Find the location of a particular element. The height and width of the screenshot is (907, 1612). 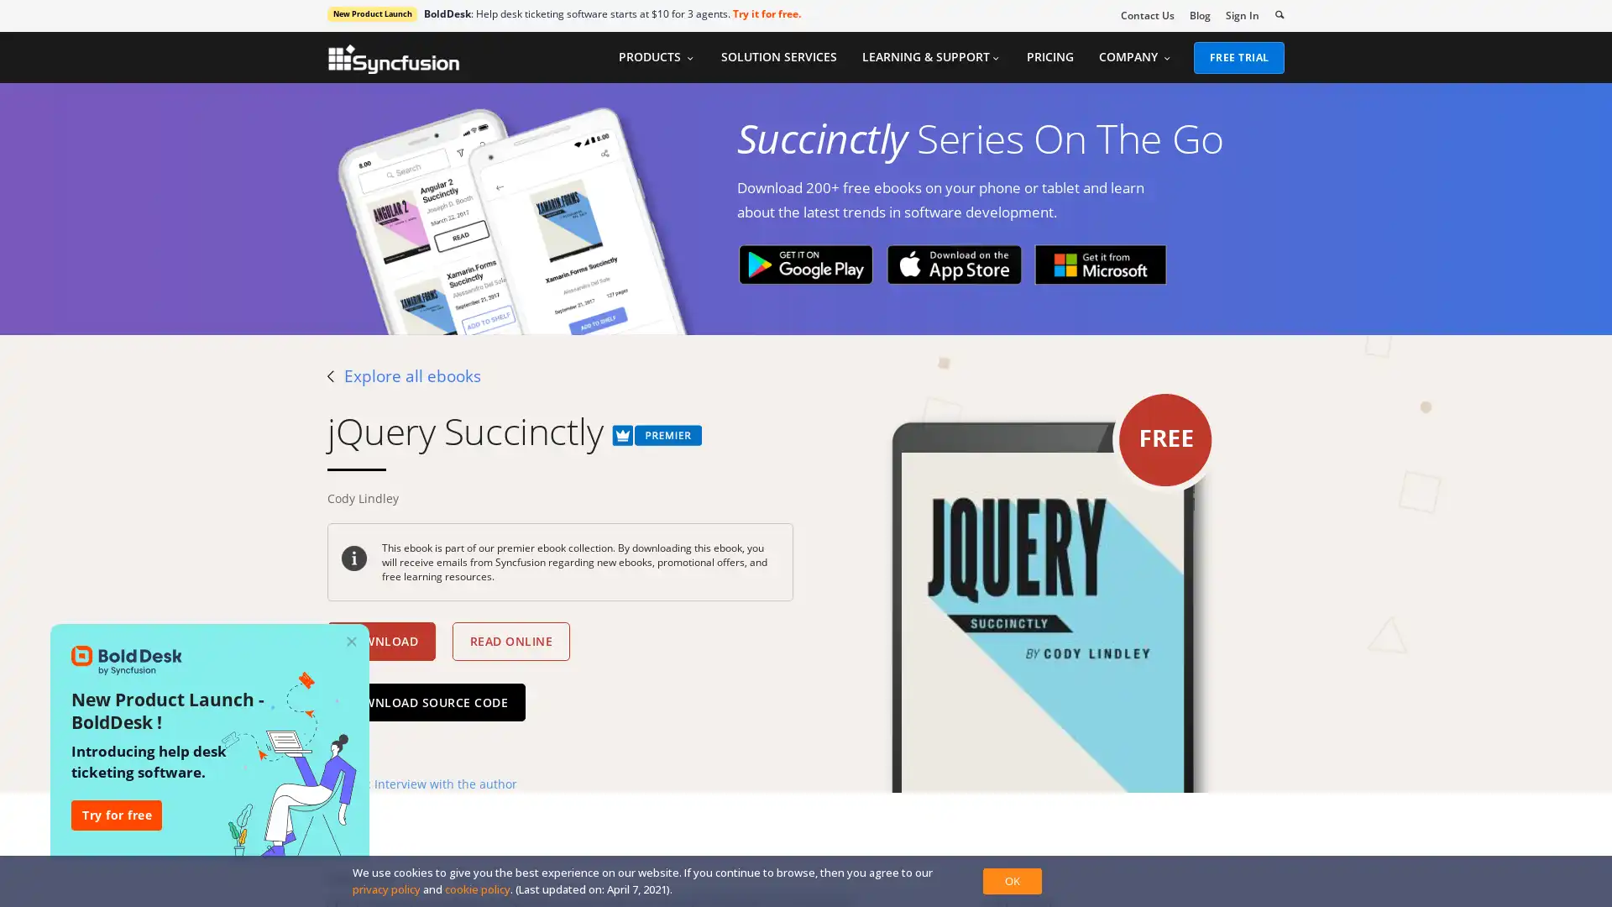

OK is located at coordinates (1011, 880).